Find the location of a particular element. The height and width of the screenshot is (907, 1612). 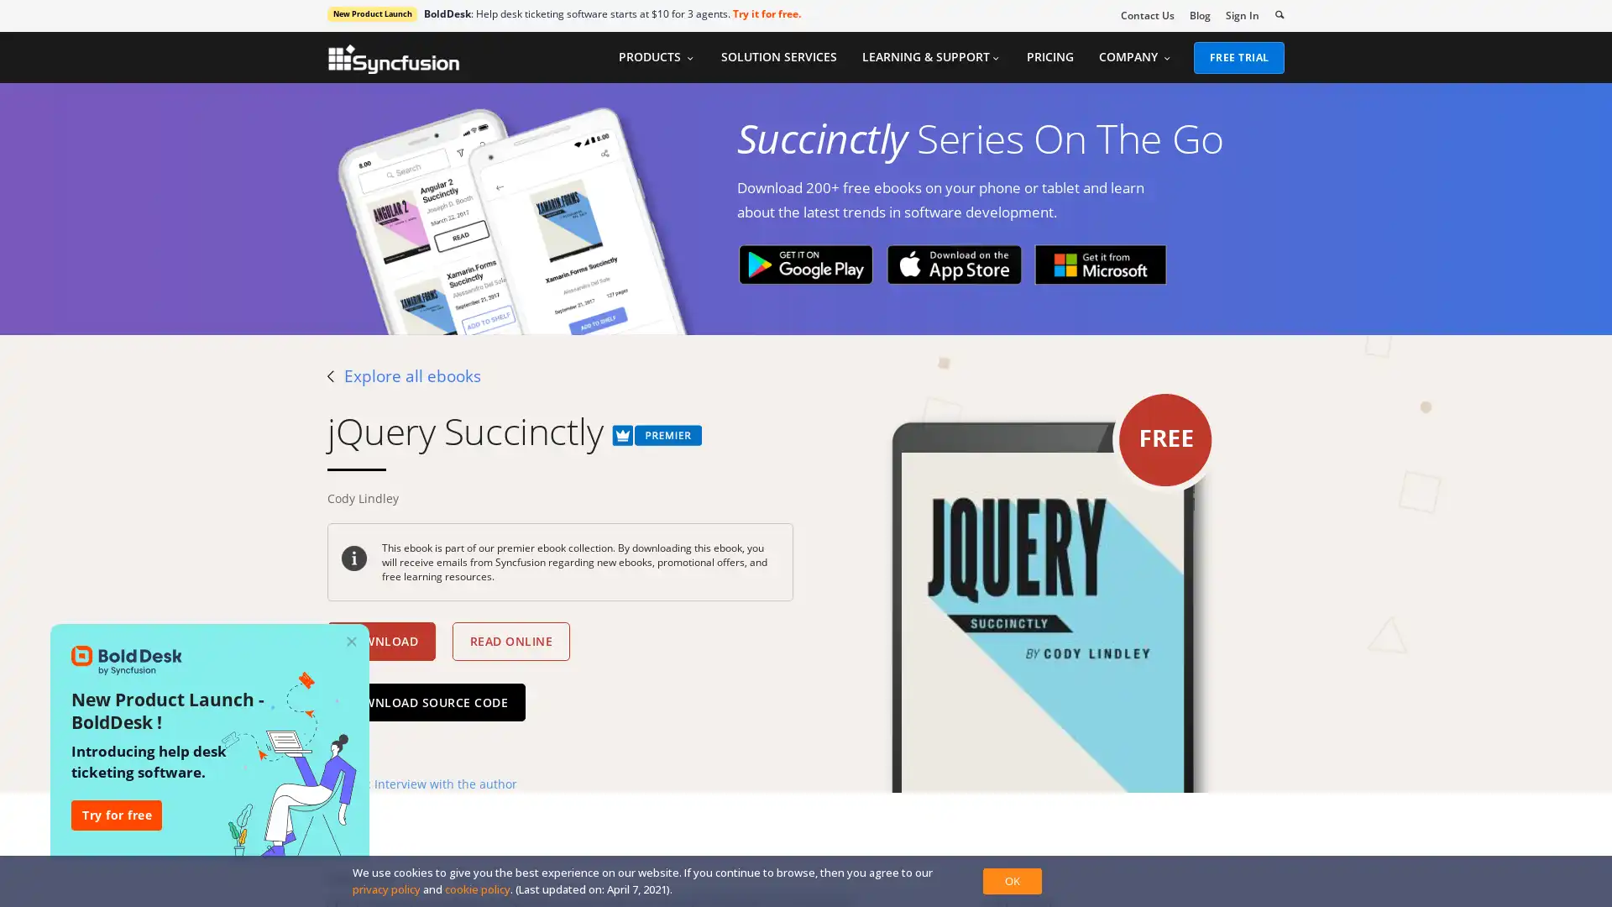

OK is located at coordinates (1011, 880).